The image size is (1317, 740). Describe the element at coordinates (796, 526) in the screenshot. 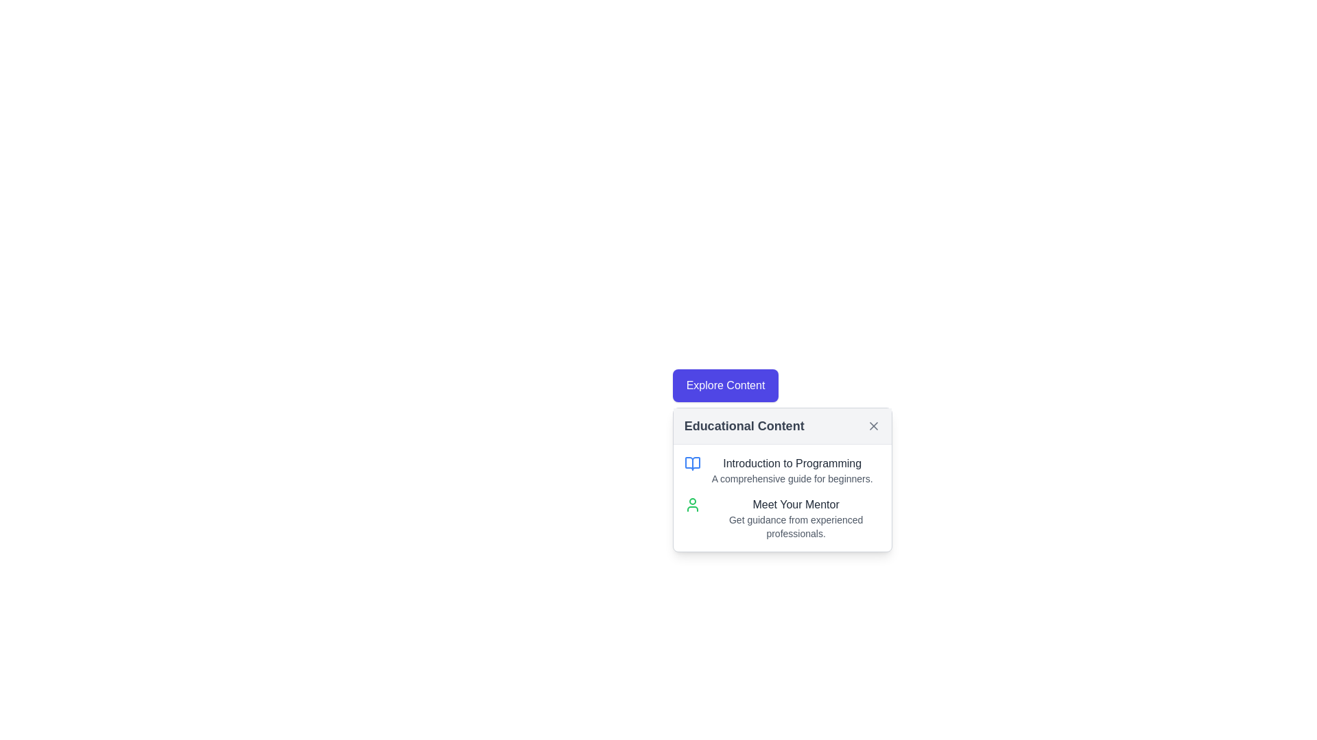

I see `the descriptive text located beneath the 'Meet Your Mentor' title in the 'Educational Content' panel` at that location.